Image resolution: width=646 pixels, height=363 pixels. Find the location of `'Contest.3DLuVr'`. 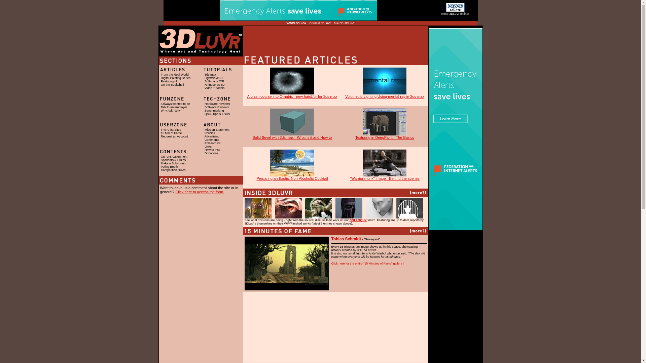

'Contest.3DLuVr' is located at coordinates (320, 23).